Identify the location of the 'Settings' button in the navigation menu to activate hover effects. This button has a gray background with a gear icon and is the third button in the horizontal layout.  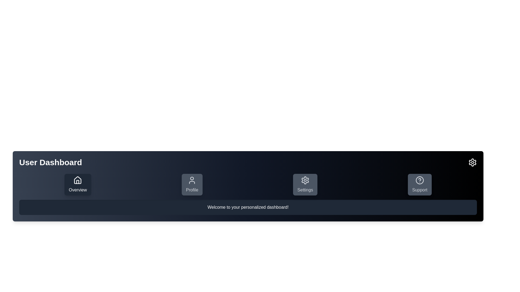
(305, 184).